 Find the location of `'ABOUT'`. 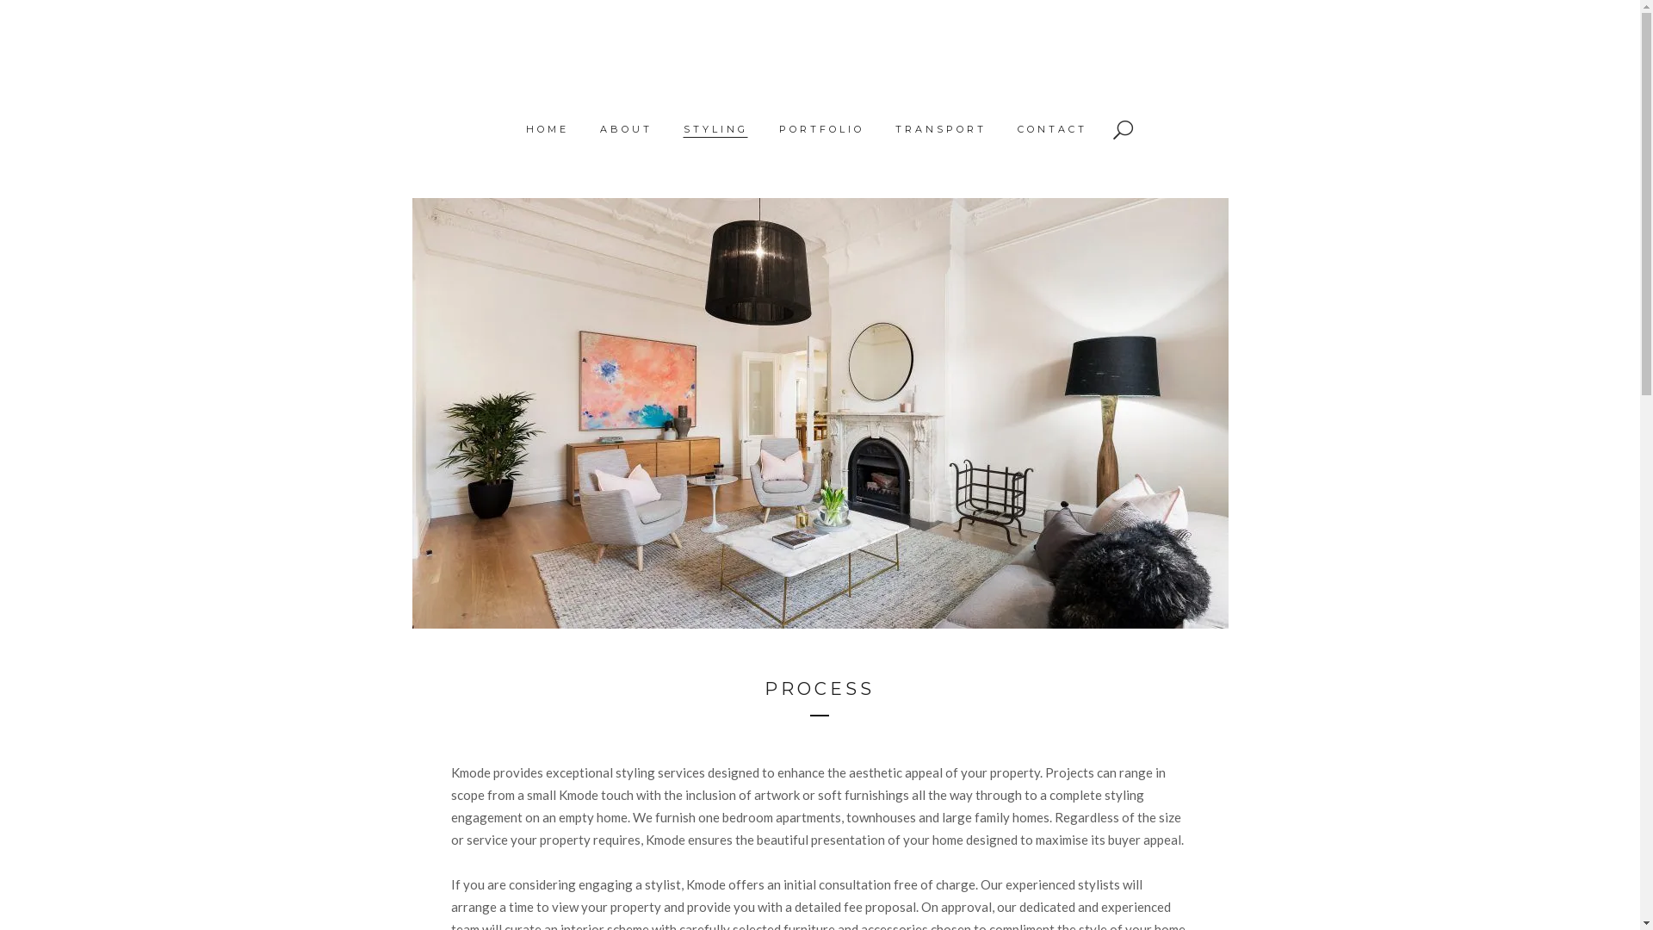

'ABOUT' is located at coordinates (624, 128).